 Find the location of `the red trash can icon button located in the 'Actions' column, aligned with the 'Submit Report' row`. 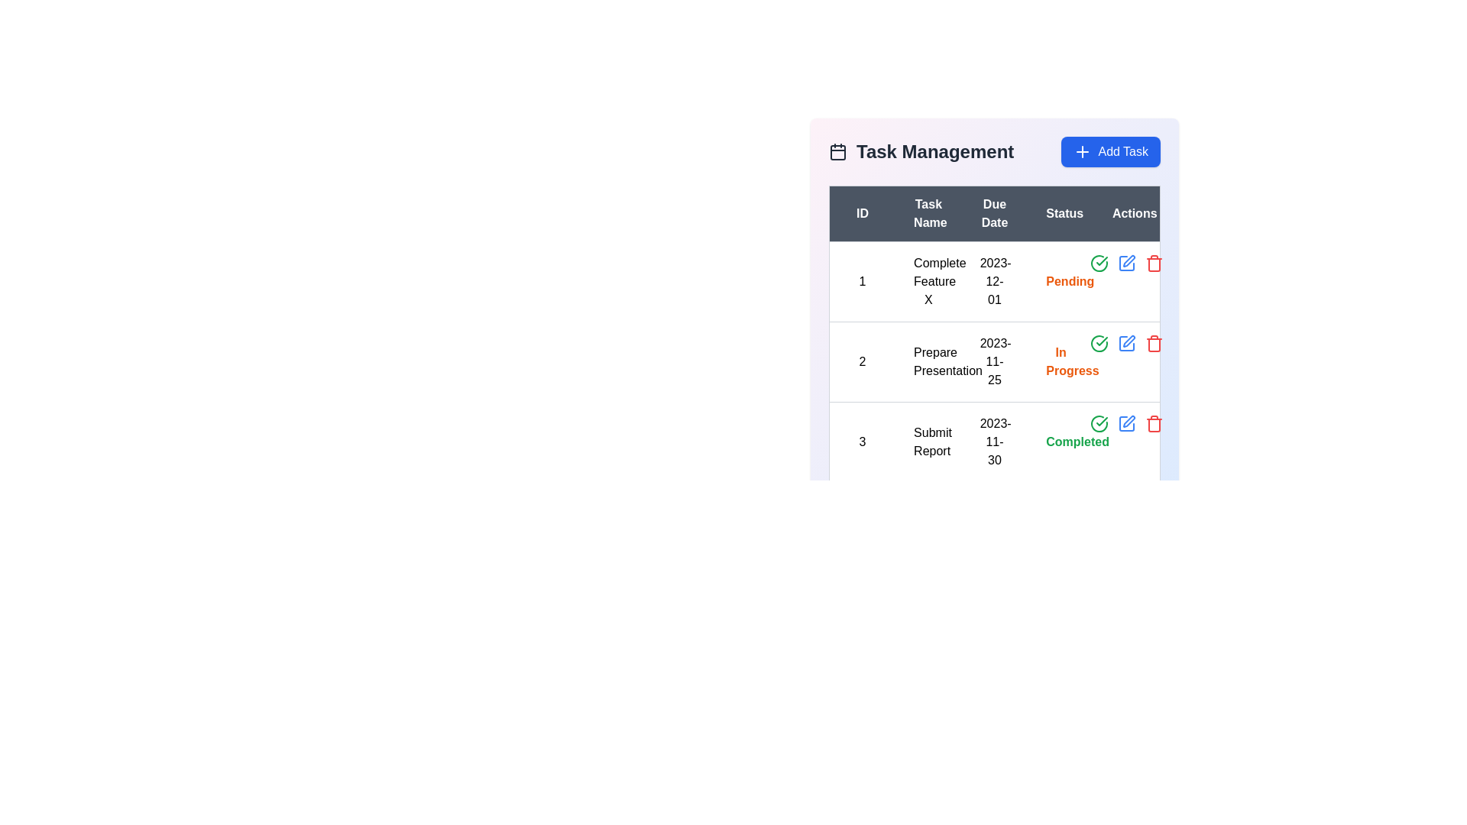

the red trash can icon button located in the 'Actions' column, aligned with the 'Submit Report' row is located at coordinates (1154, 344).